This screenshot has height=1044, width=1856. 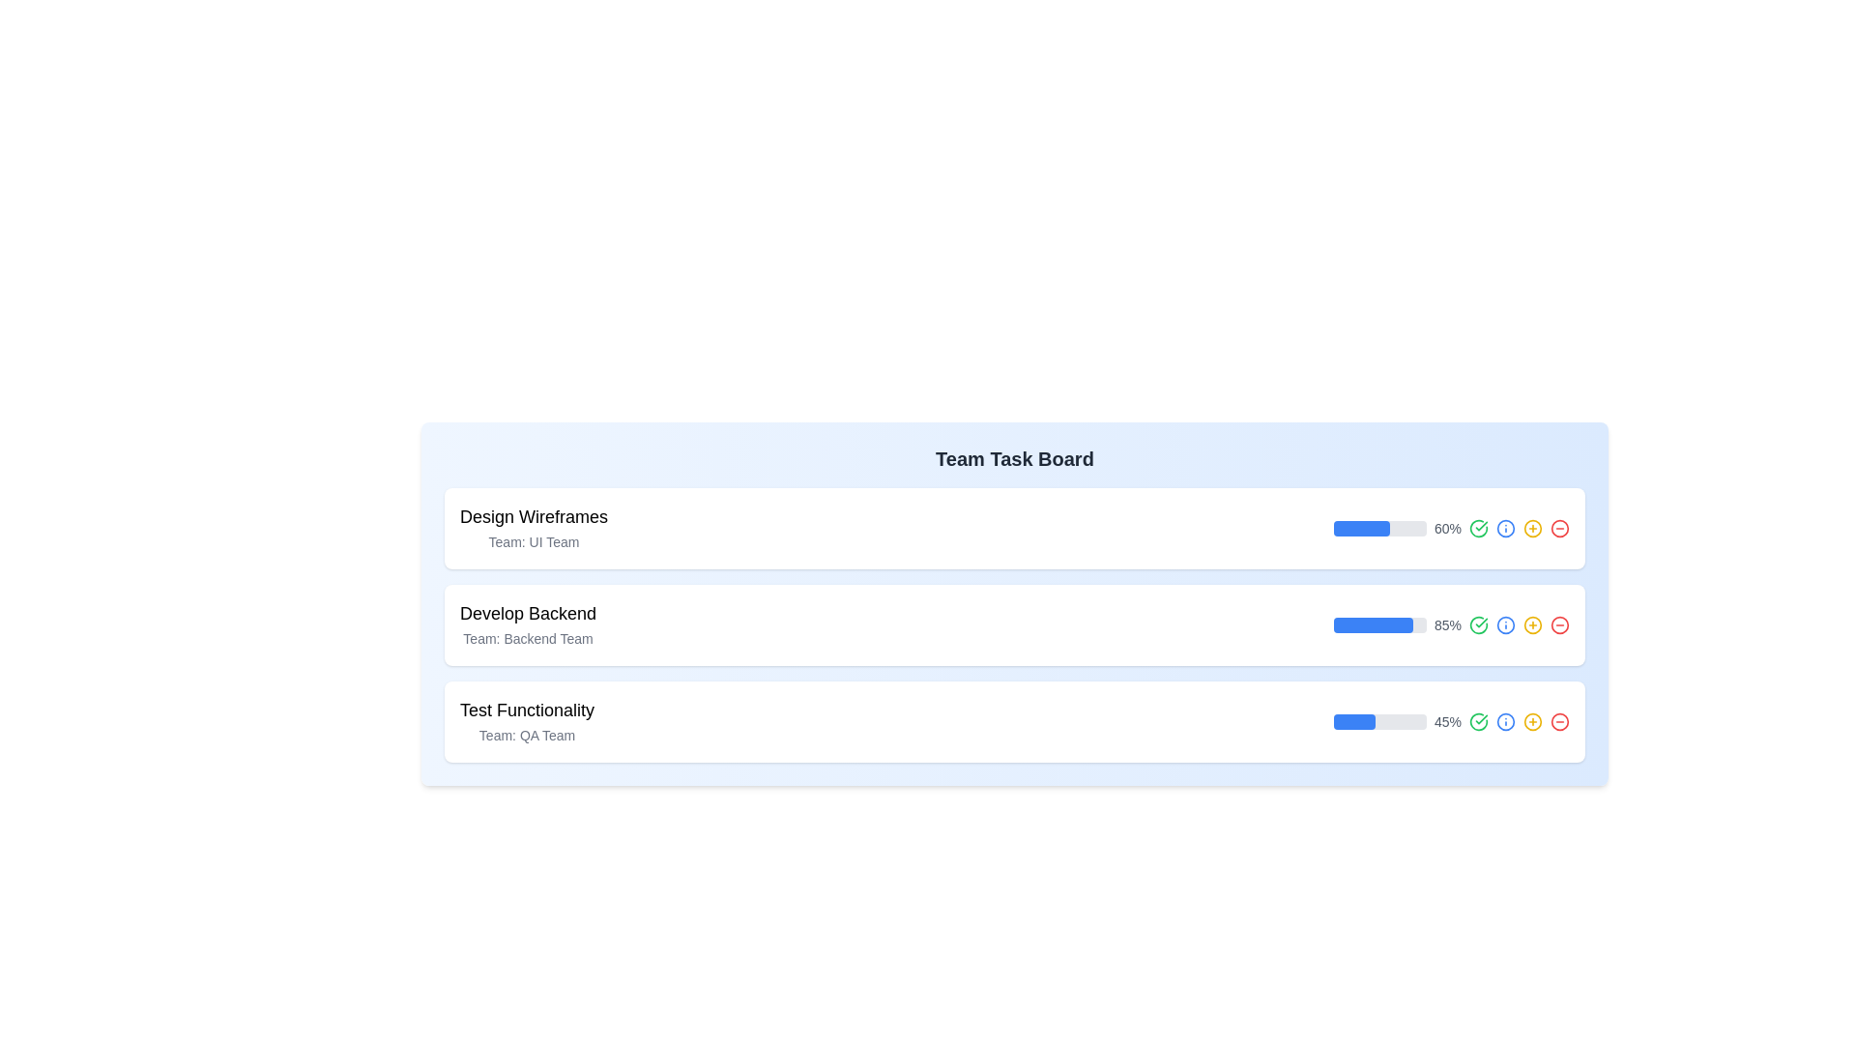 I want to click on the progress bar located in the 'Design Wireframes' section on the Team Task Board, which has a gray background and a blue fill, indicating the current progress of 60%, so click(x=1378, y=529).